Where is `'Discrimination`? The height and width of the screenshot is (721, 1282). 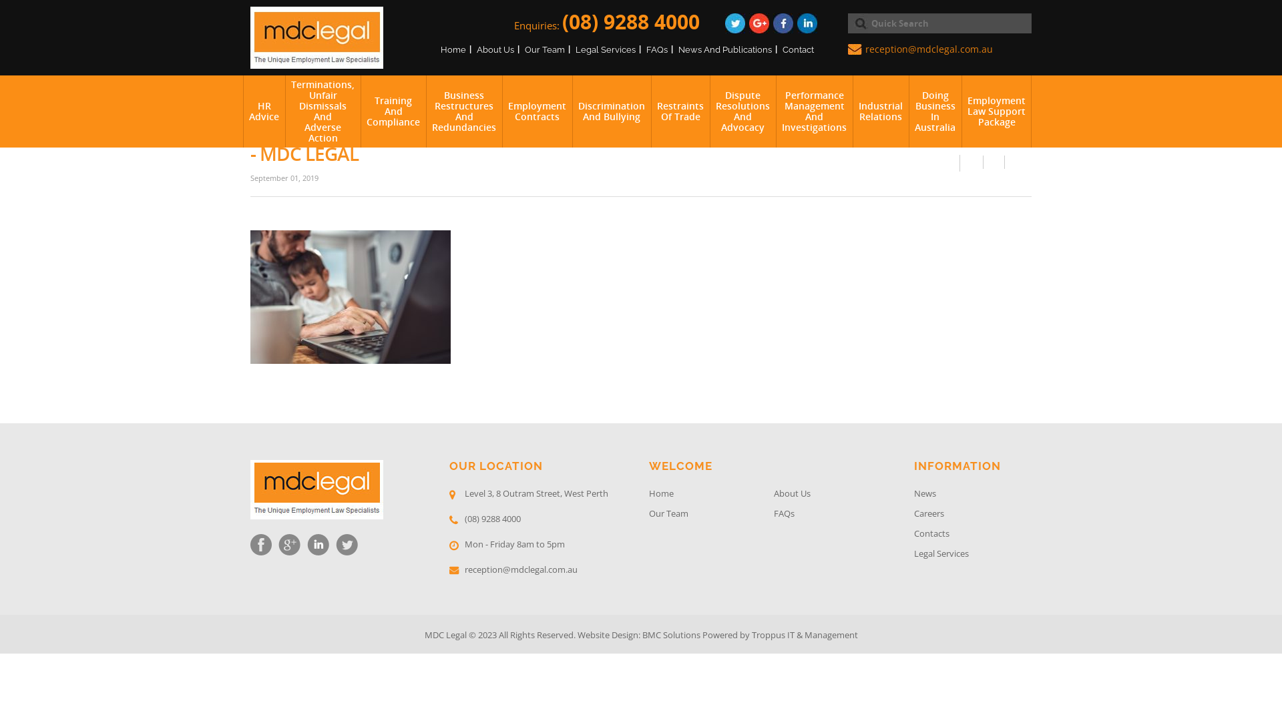 'Discrimination is located at coordinates (611, 110).